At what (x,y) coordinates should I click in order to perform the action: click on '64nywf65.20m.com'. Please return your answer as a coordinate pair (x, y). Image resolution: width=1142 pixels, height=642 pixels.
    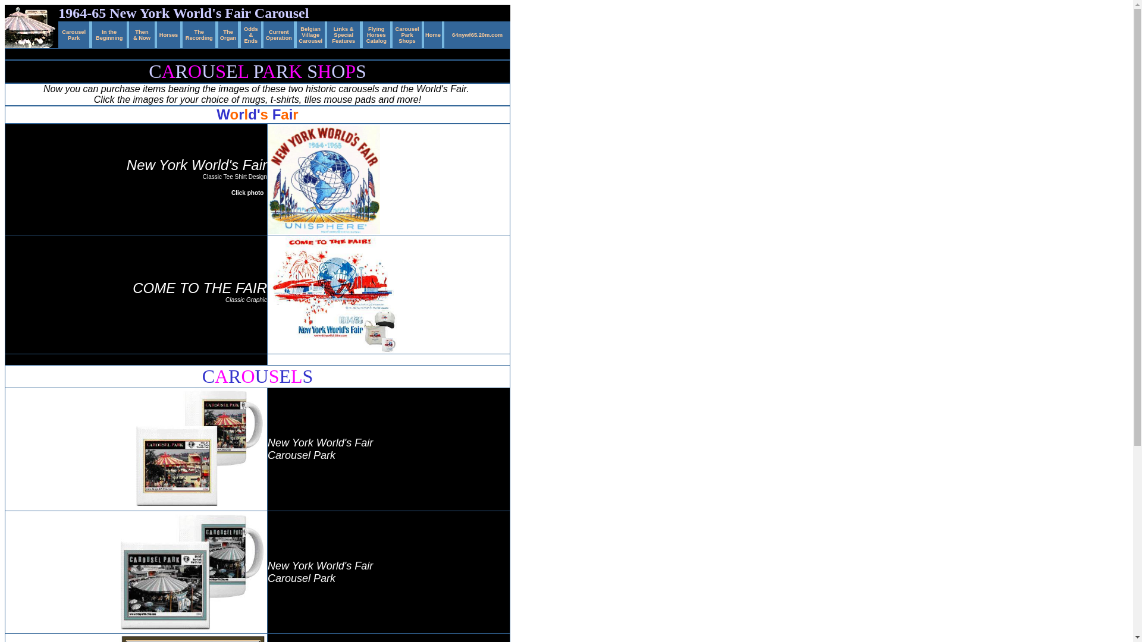
    Looking at the image, I should click on (477, 33).